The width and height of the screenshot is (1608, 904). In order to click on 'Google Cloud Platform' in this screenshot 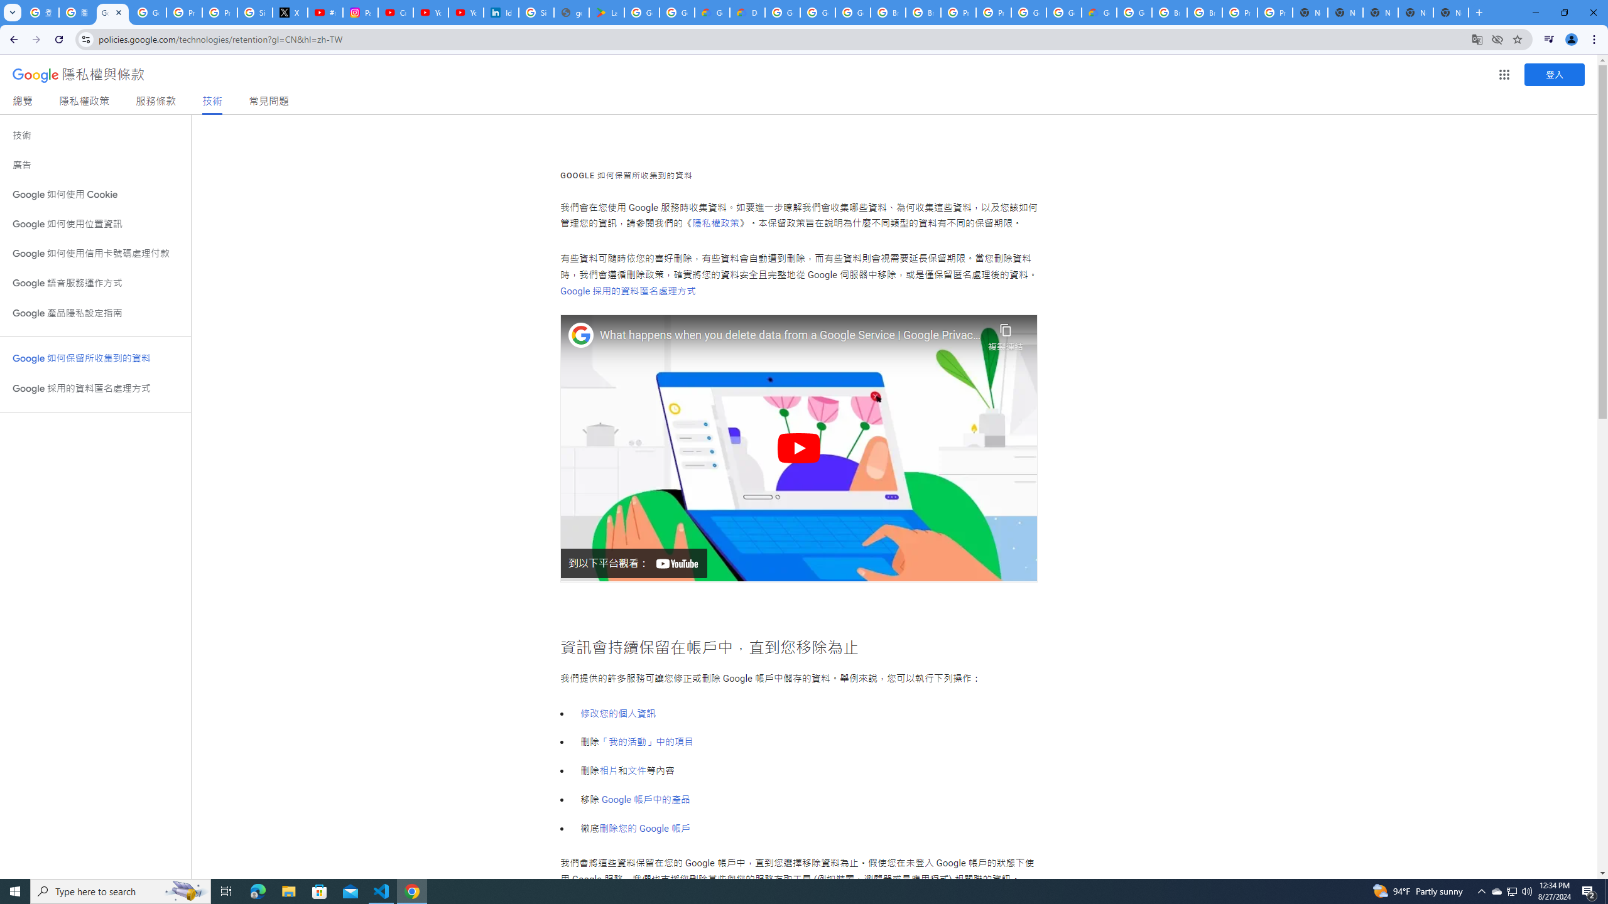, I will do `click(1063, 12)`.